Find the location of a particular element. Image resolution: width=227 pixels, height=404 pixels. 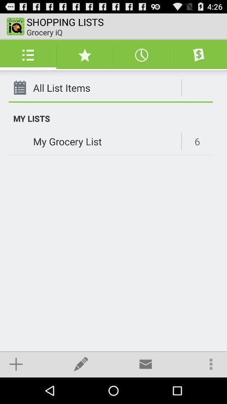

icon at the bottom right corner is located at coordinates (210, 364).